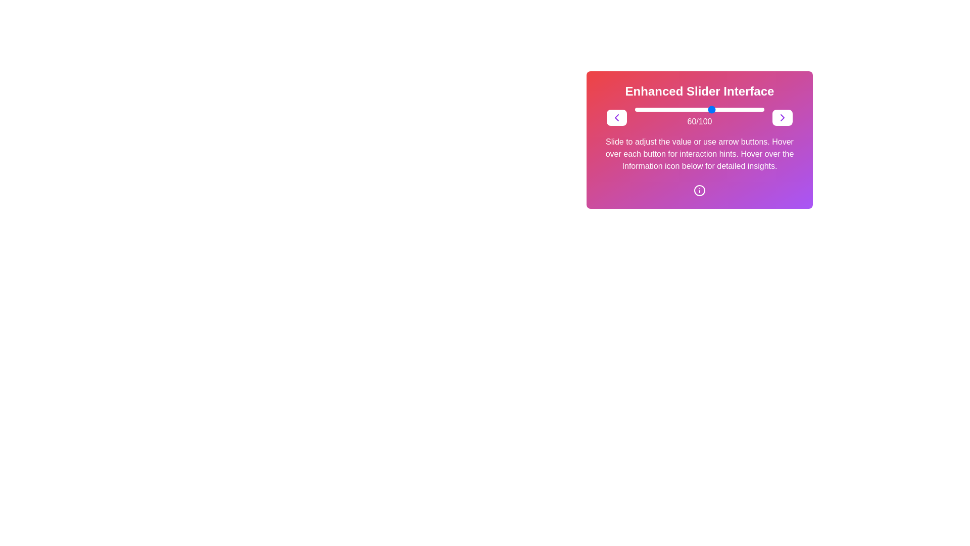 This screenshot has width=970, height=546. I want to click on the slider, so click(663, 109).